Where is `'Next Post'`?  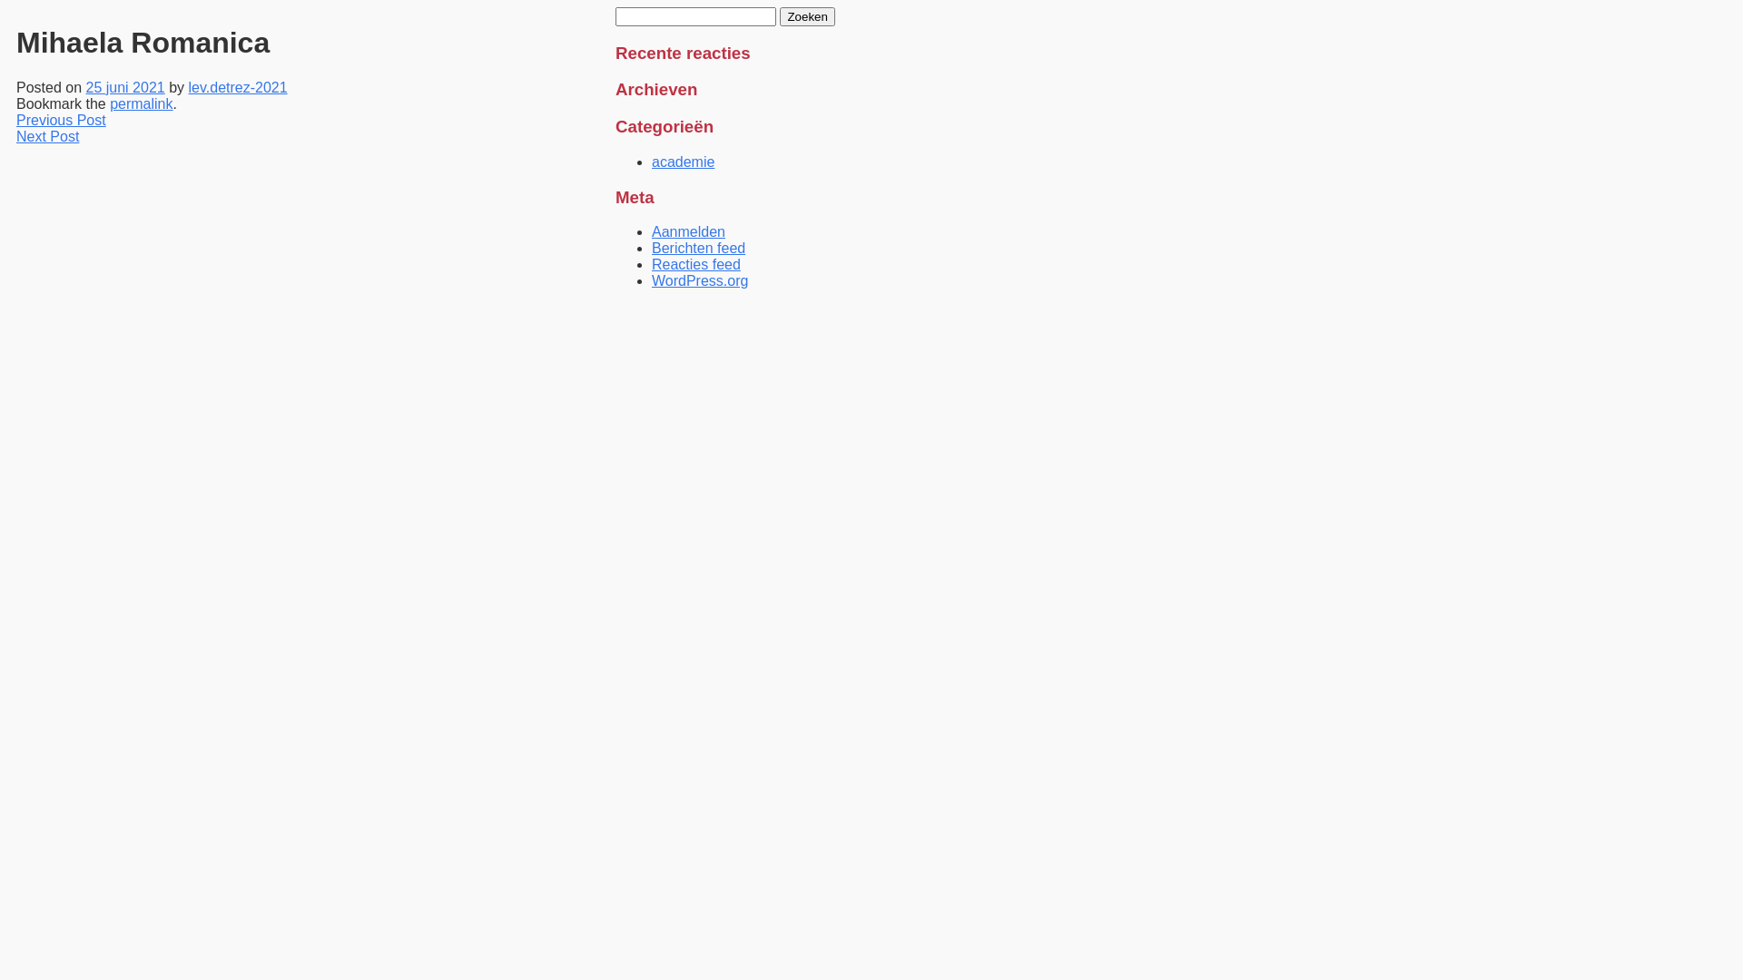 'Next Post' is located at coordinates (47, 135).